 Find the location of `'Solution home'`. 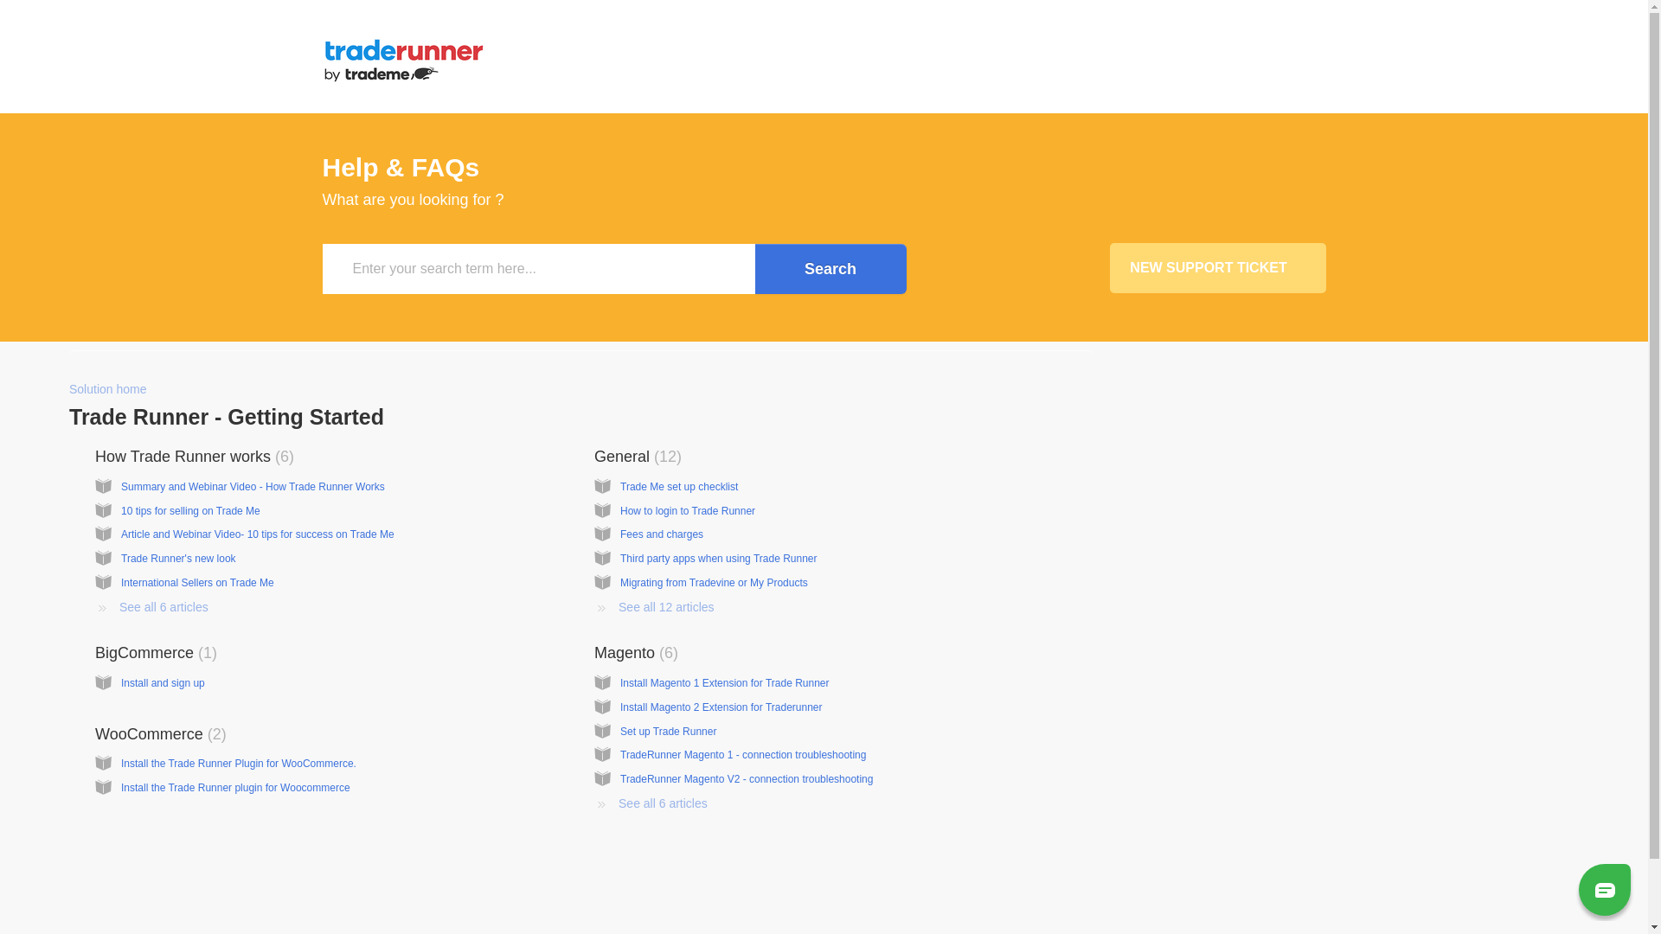

'Solution home' is located at coordinates (106, 389).